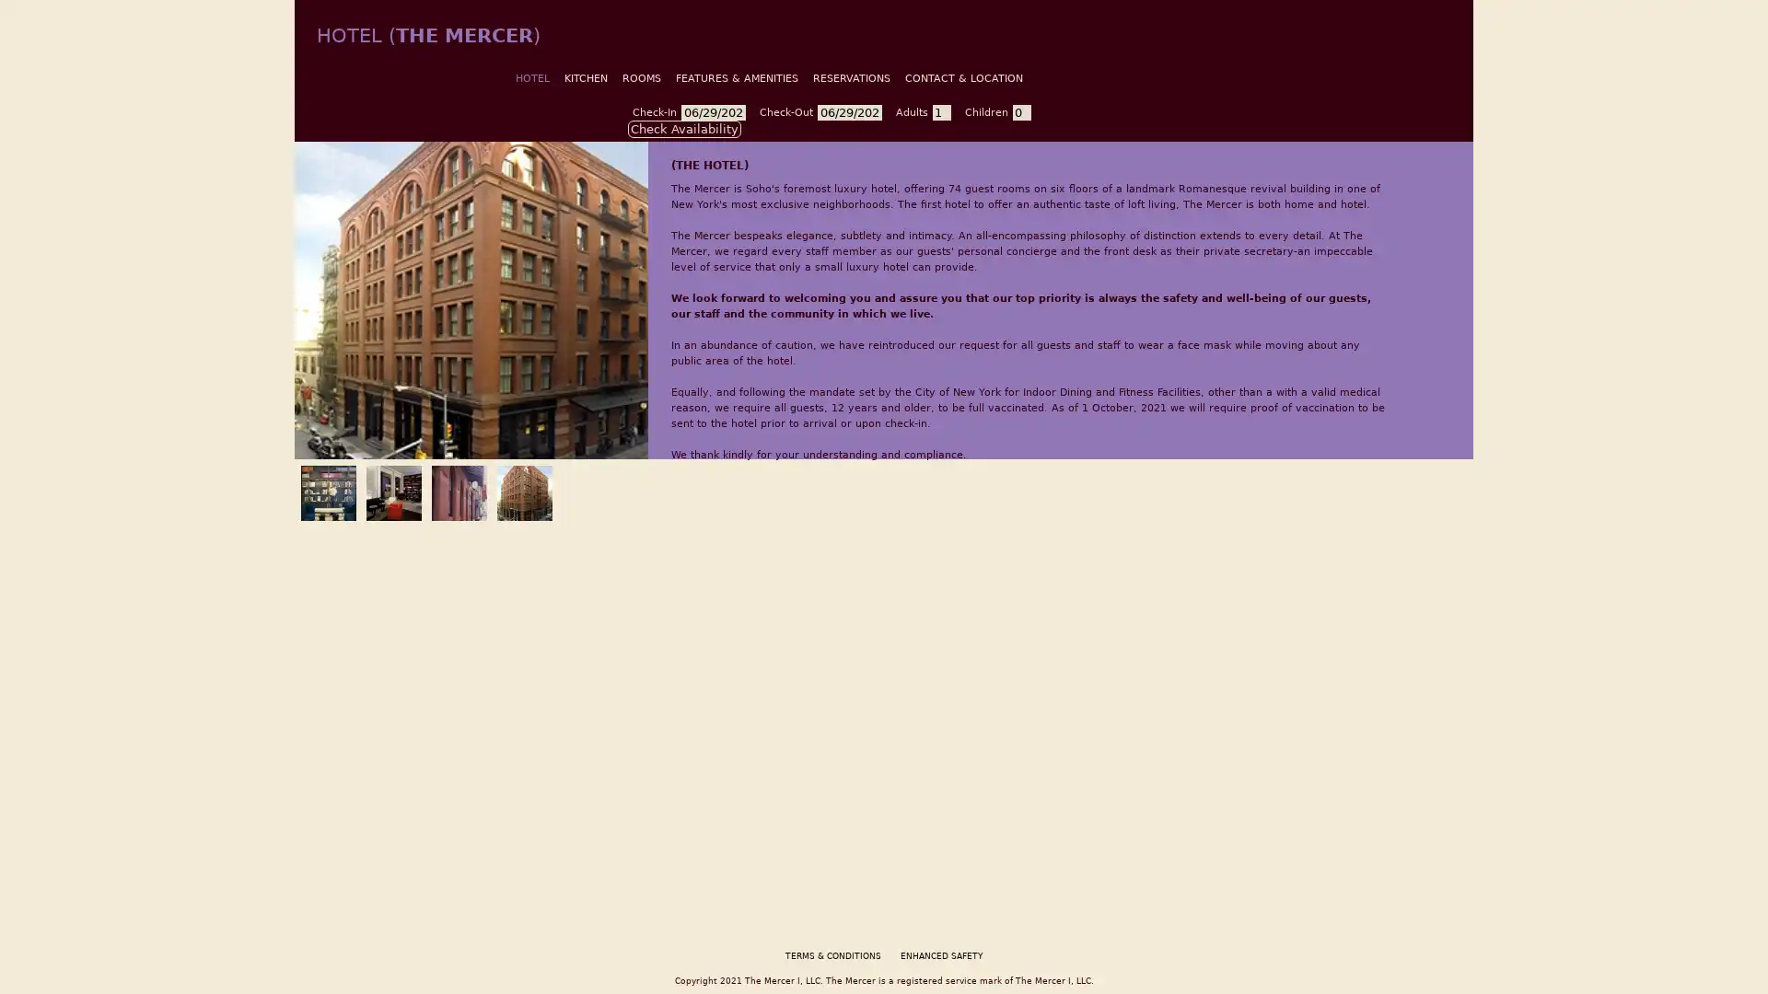 Image resolution: width=1768 pixels, height=994 pixels. What do you see at coordinates (390, 489) in the screenshot?
I see `Hotel lobby` at bounding box center [390, 489].